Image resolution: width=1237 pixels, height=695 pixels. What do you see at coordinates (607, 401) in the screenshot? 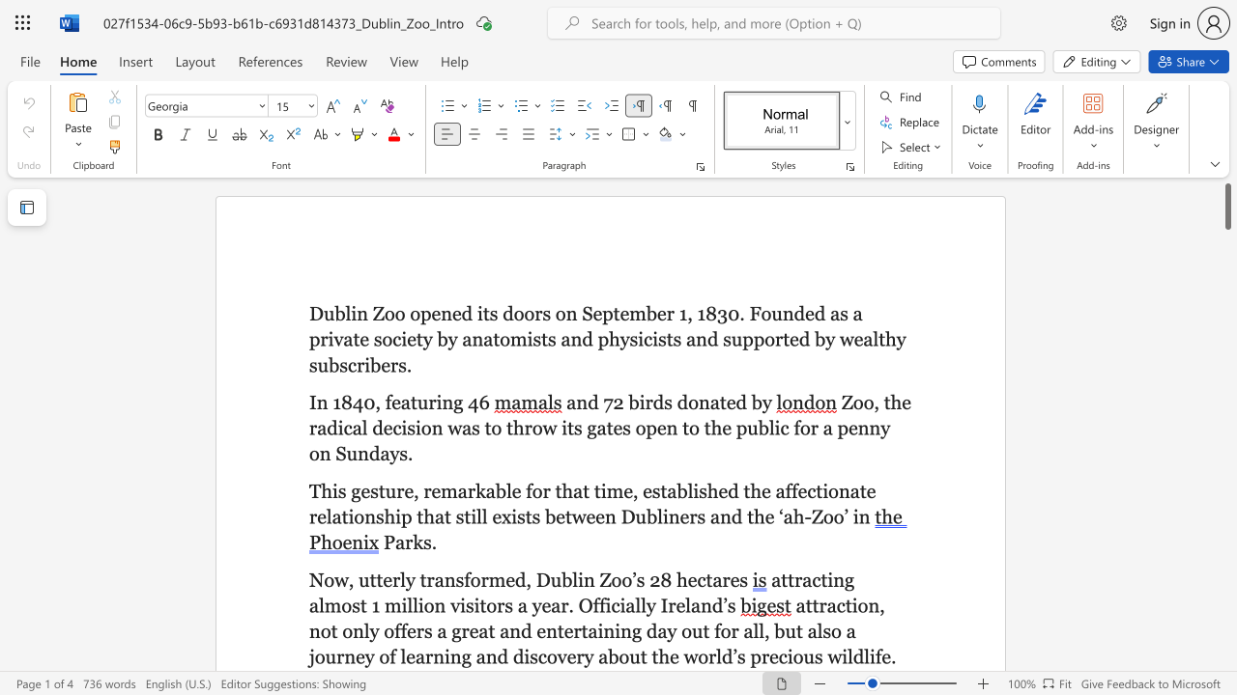
I see `the 1th character "7" in the text` at bounding box center [607, 401].